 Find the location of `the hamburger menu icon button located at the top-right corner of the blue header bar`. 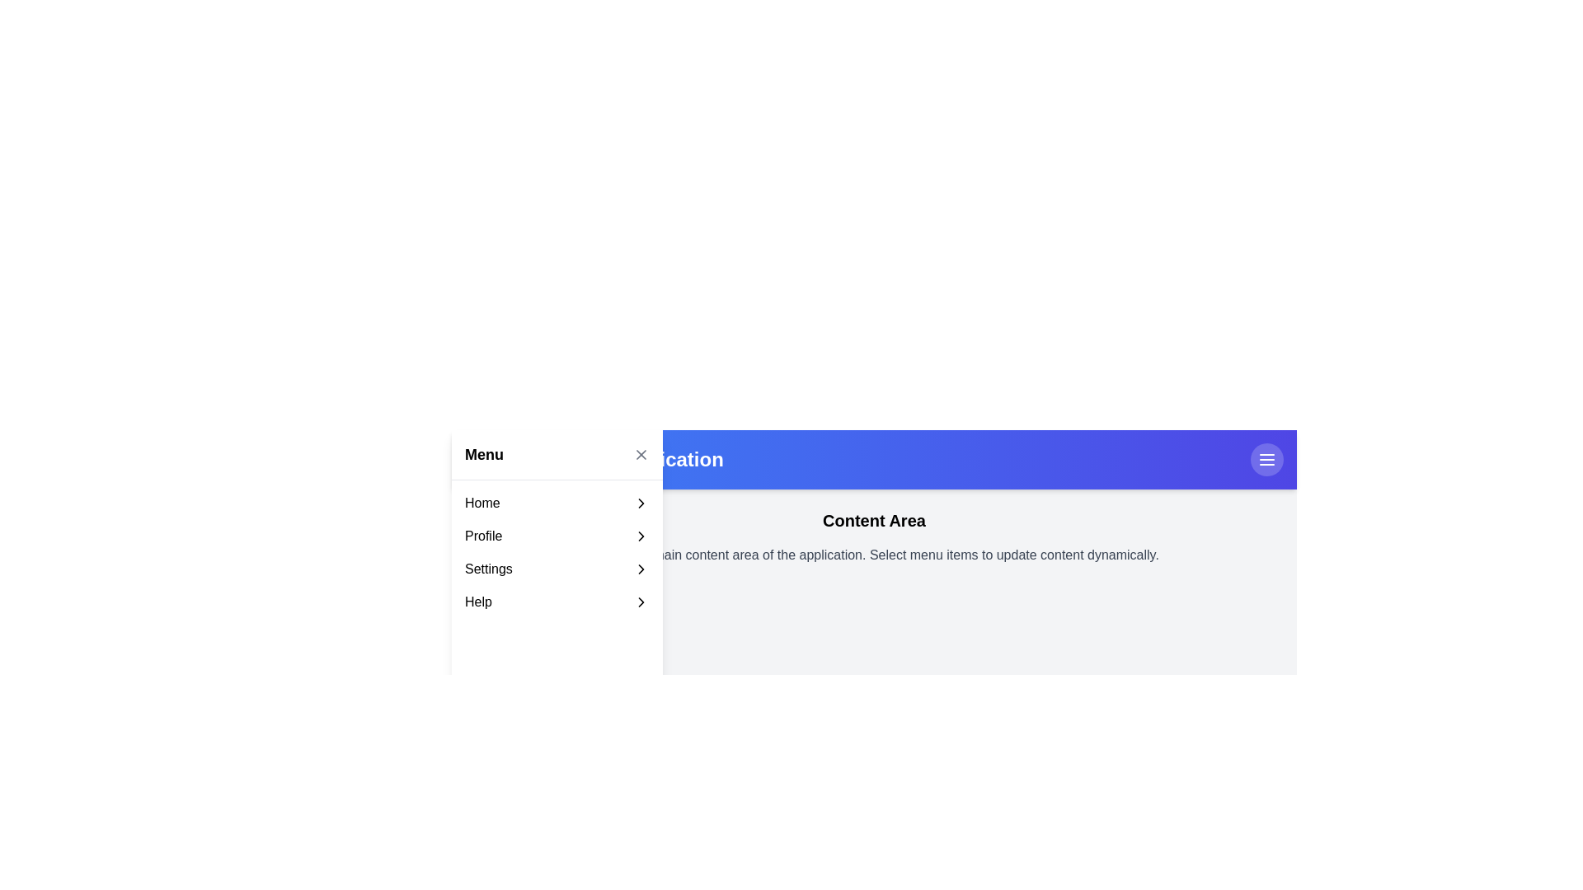

the hamburger menu icon button located at the top-right corner of the blue header bar is located at coordinates (1266, 460).